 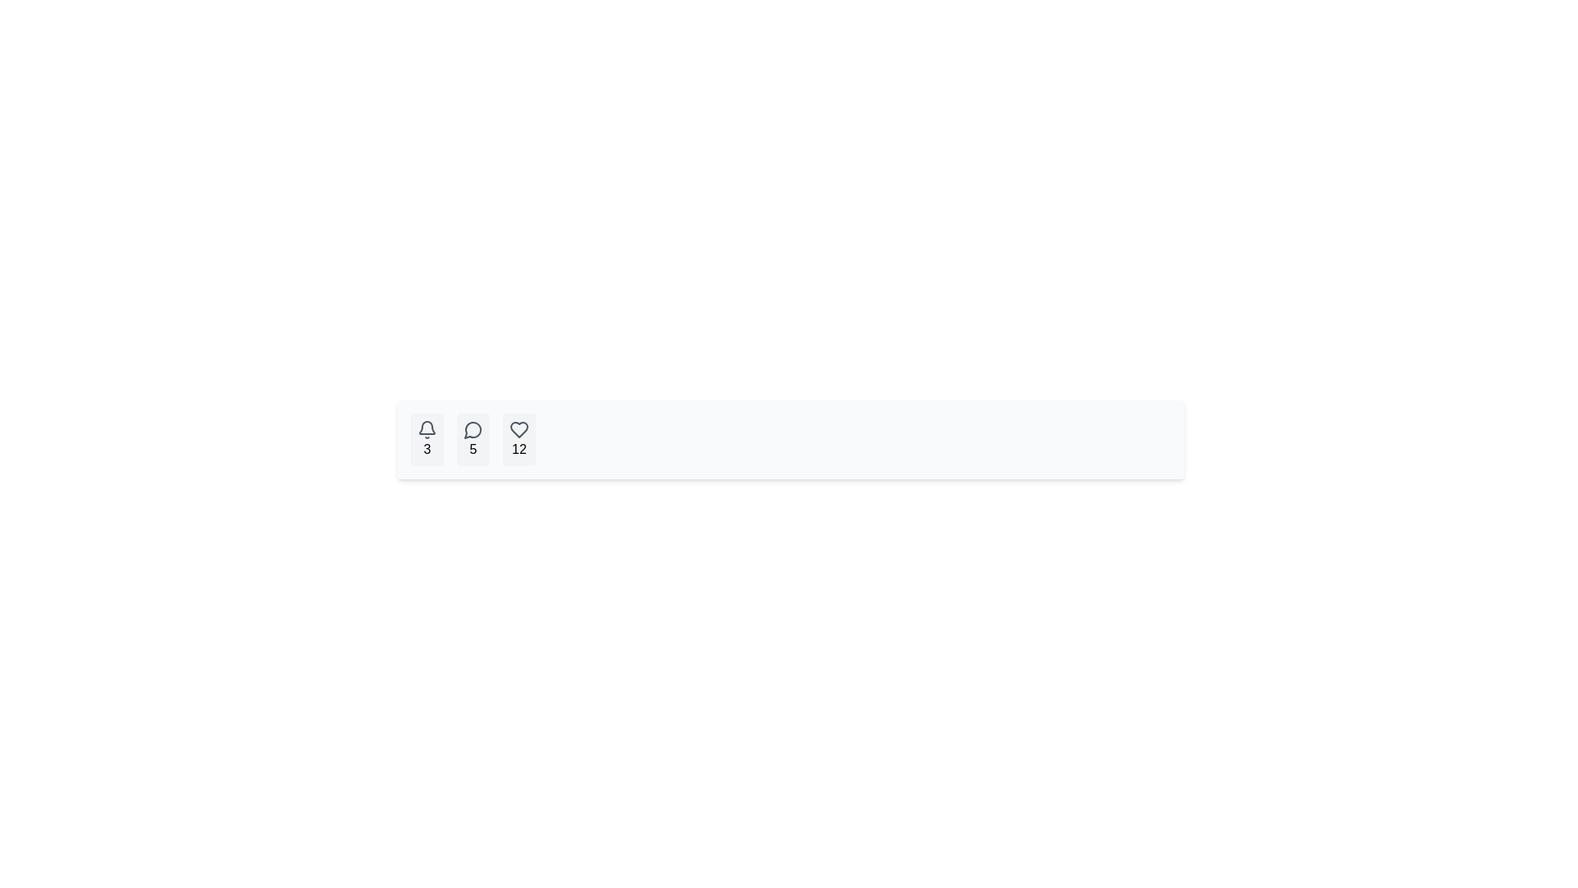 I want to click on the indicator element that displays the count of comments or messages, positioned between a bell icon with '3' and a heart icon with '12', so click(x=473, y=439).